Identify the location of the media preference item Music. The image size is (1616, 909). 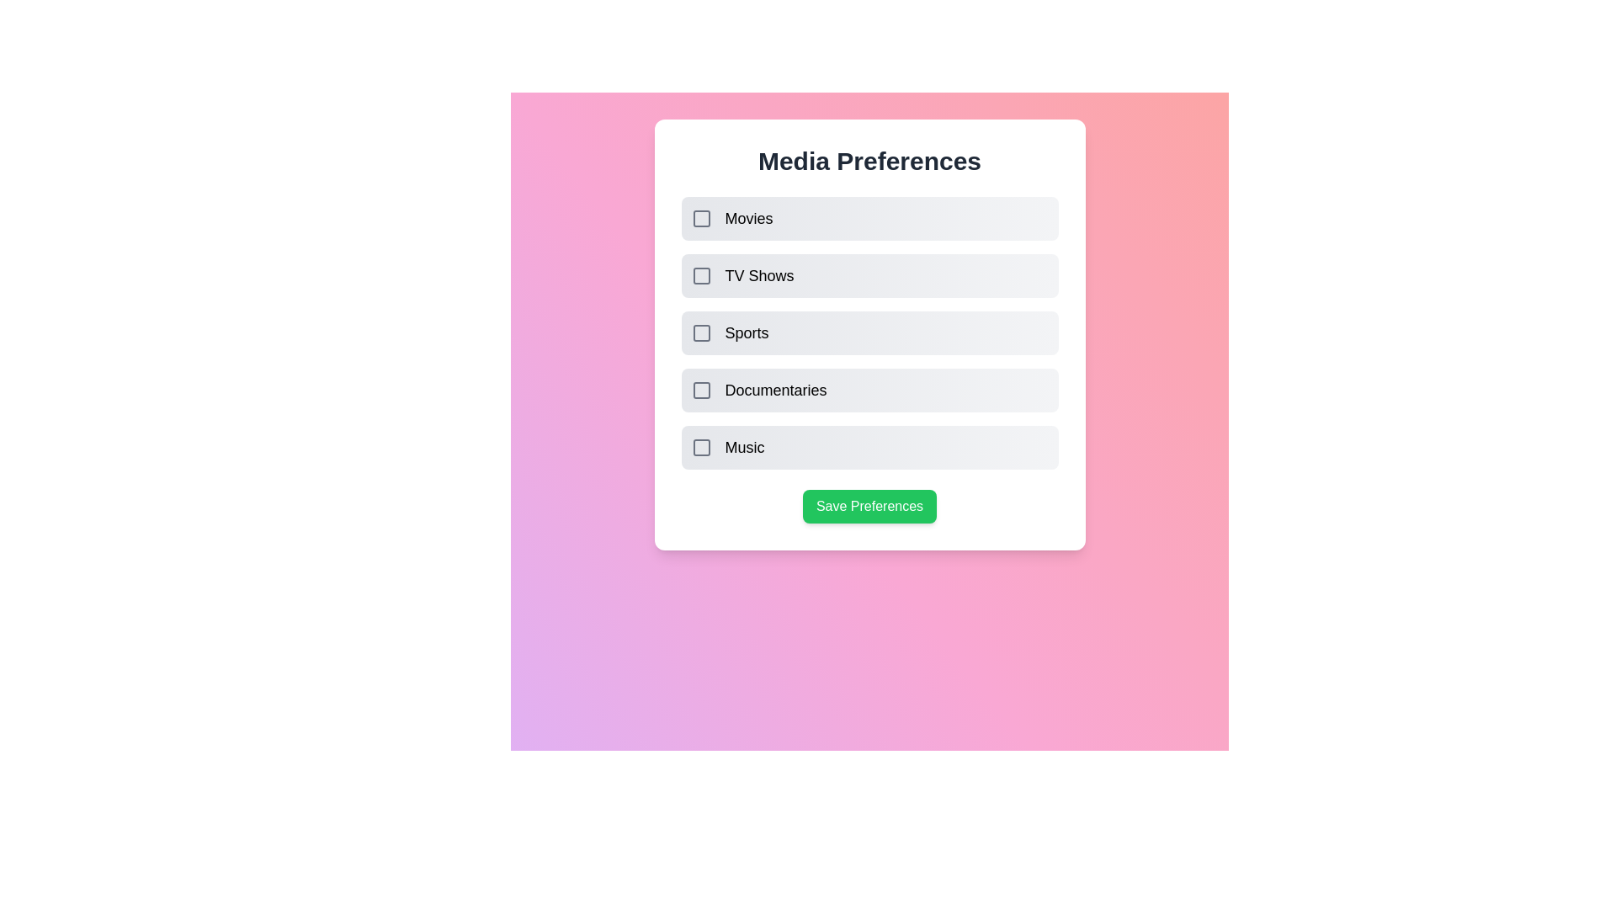
(701, 447).